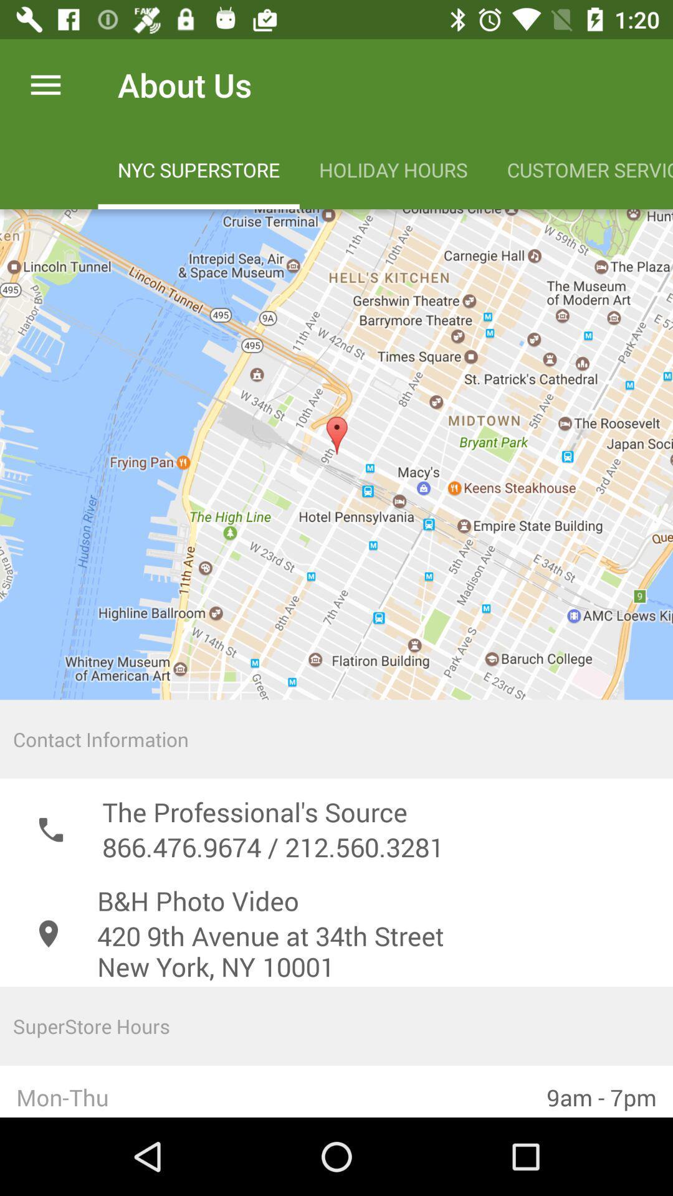 The height and width of the screenshot is (1196, 673). I want to click on mon-thu icon, so click(264, 1091).